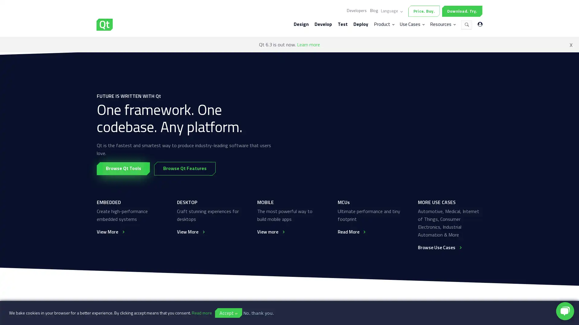  Describe the element at coordinates (228, 313) in the screenshot. I see `Accept` at that location.